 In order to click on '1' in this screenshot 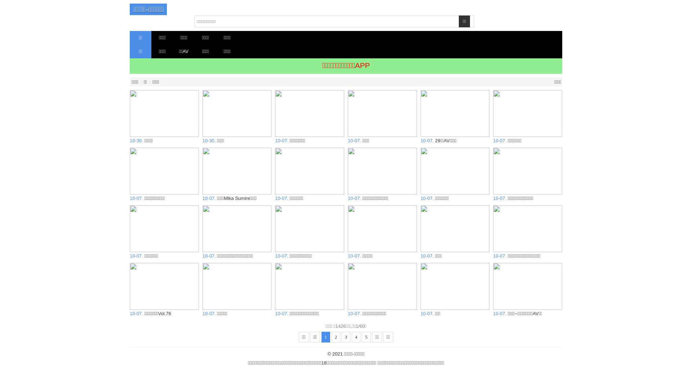, I will do `click(325, 337)`.